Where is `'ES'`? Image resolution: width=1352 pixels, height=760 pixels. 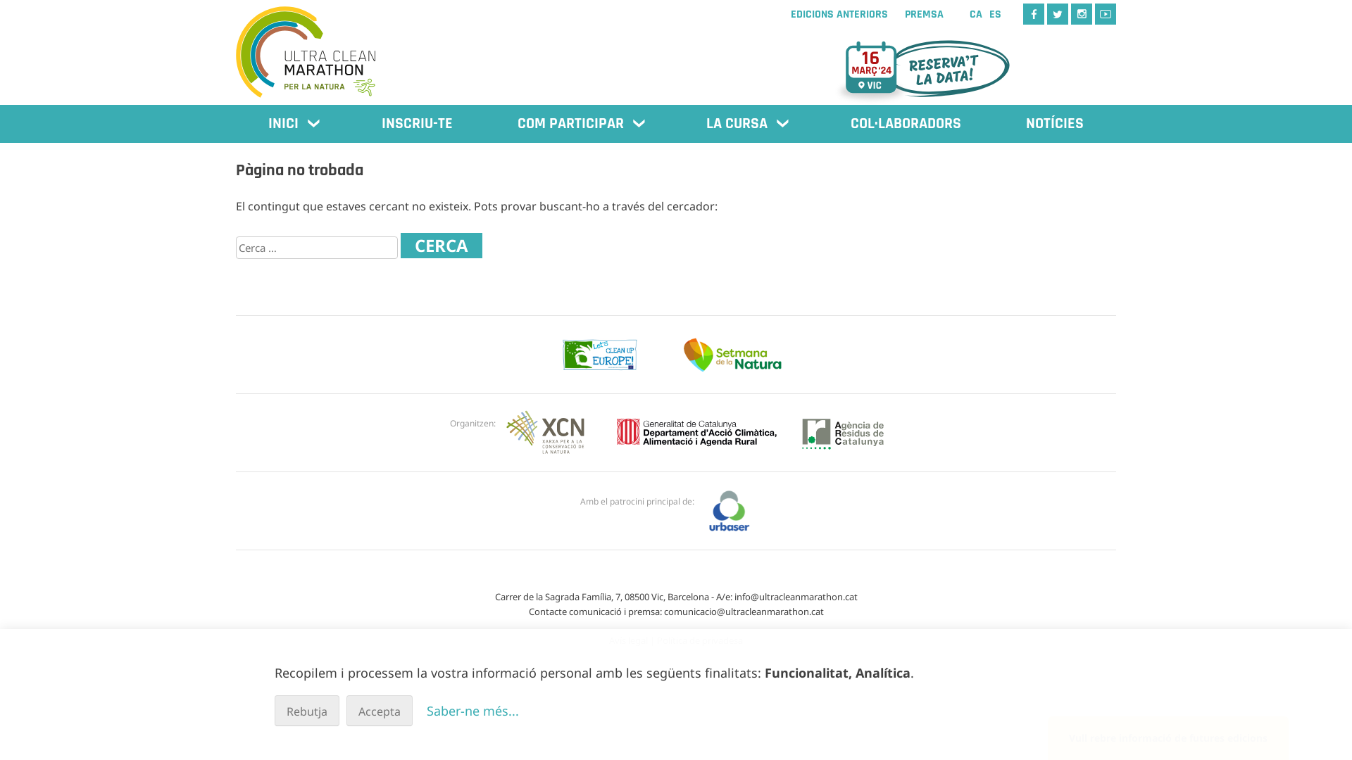
'ES' is located at coordinates (994, 14).